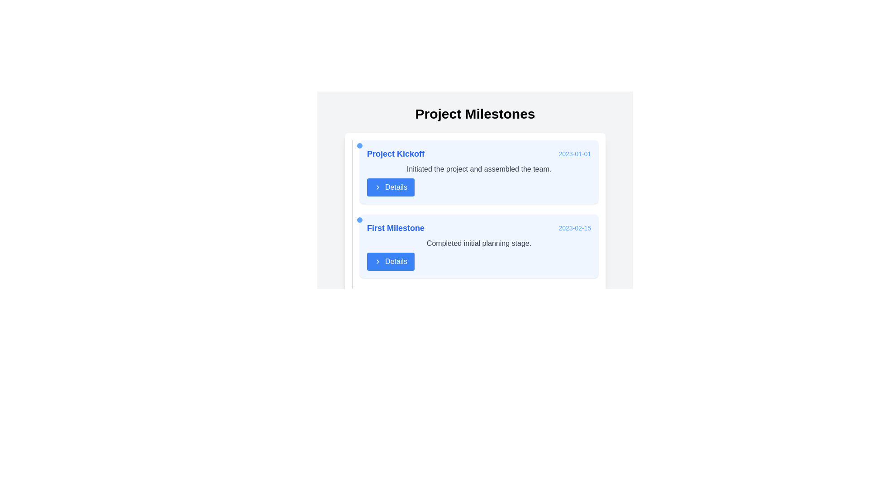 The height and width of the screenshot is (489, 869). I want to click on the interactive button located at the lower-left corner of the project milestone card, so click(391, 187).